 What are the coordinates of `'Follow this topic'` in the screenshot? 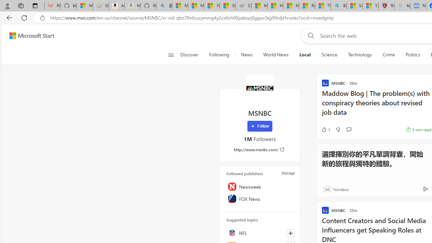 It's located at (290, 233).